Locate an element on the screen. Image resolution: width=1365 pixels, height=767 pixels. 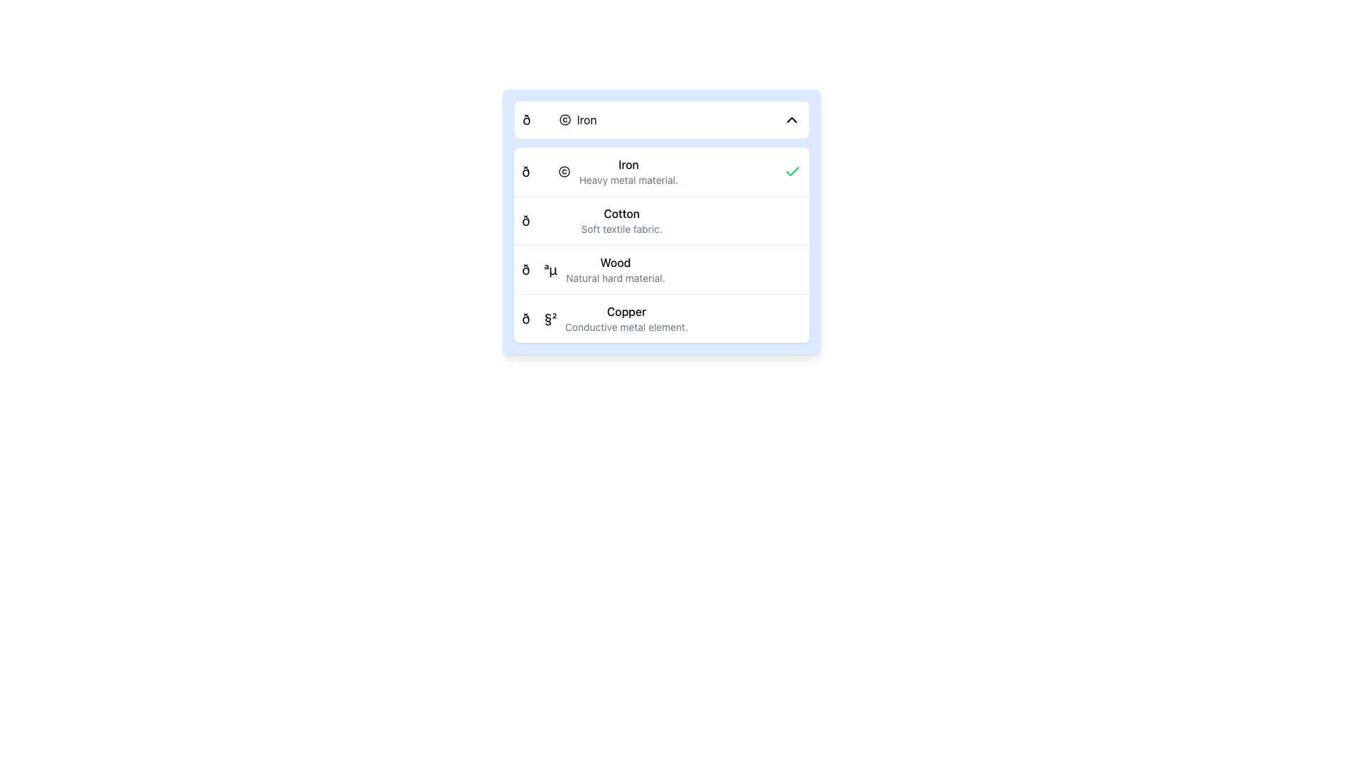
the third list item labeled 'Wood', which includes an icon and the description 'Natural hard material.' is located at coordinates (594, 270).